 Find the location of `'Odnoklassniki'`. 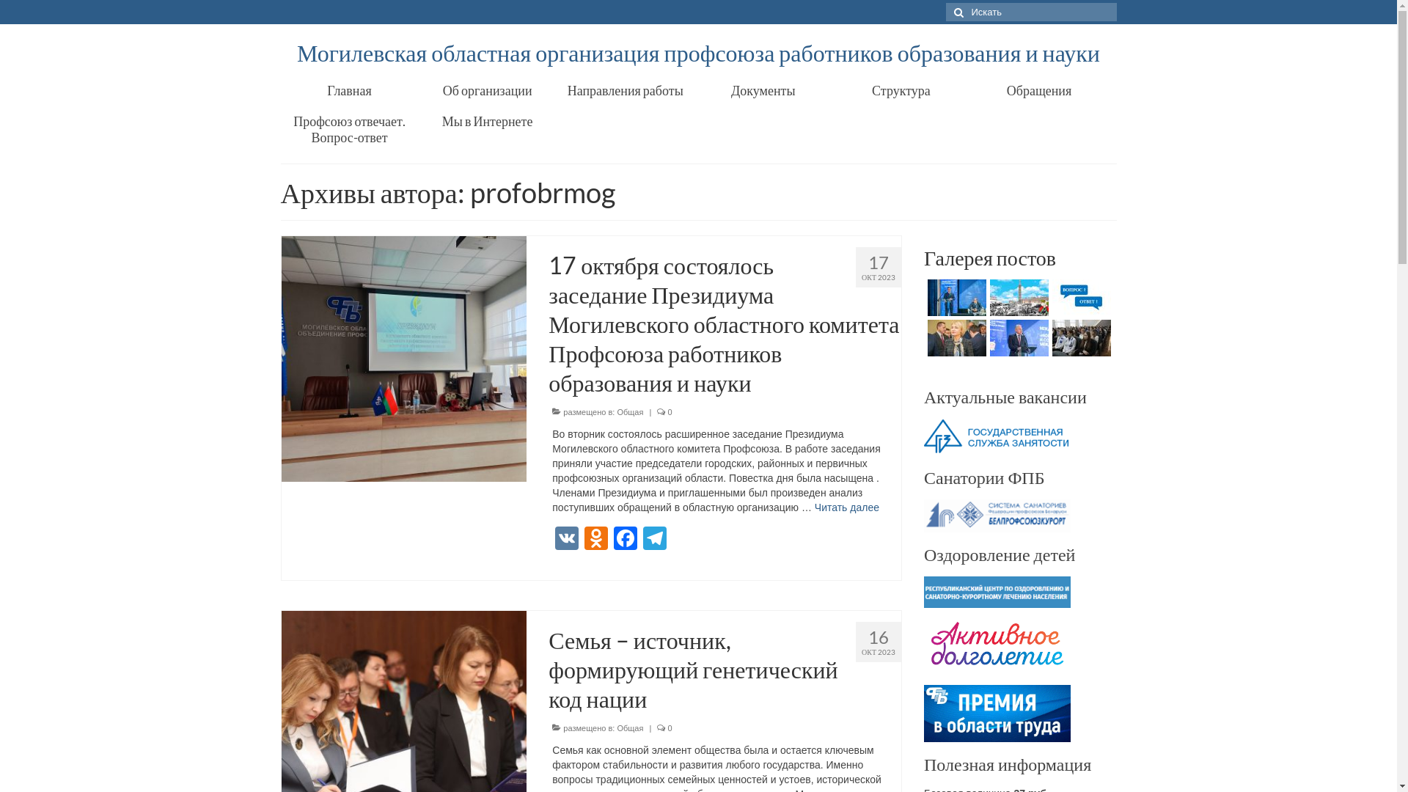

'Odnoklassniki' is located at coordinates (595, 540).